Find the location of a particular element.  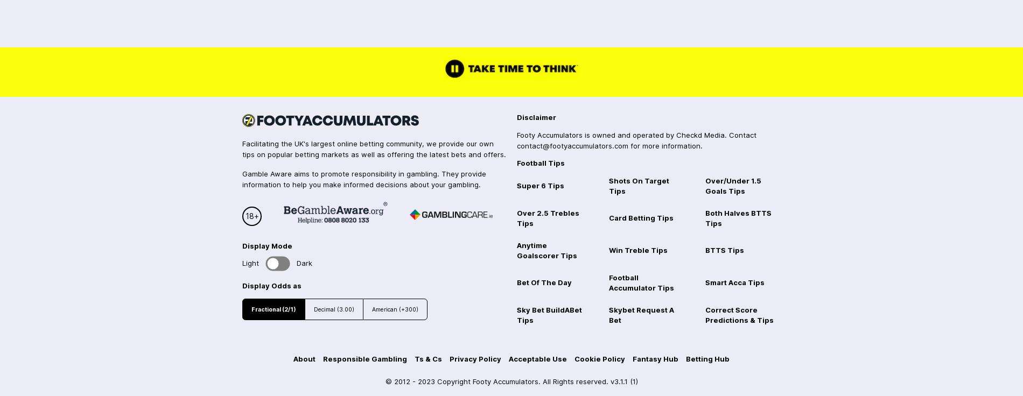

'© 2012 - 2023 Copyright Footy Accumulators. All Rights reserved. v3.1.1 (1)' is located at coordinates (384, 381).